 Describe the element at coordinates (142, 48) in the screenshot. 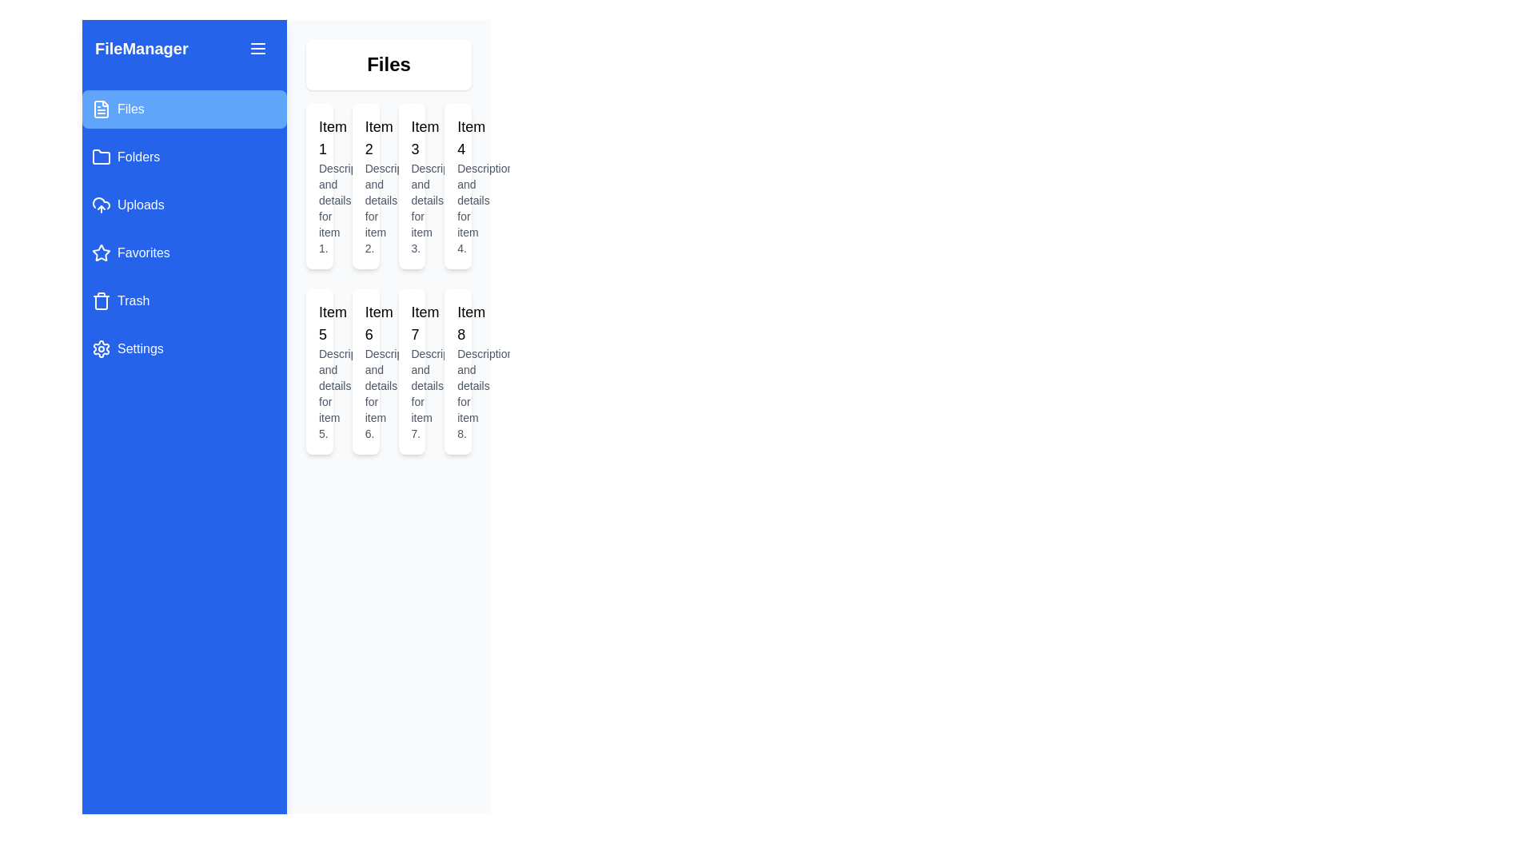

I see `the static text label or heading that displays the title or branding of the application, located in the top-left corner of the interface within the left navigation pane` at that location.